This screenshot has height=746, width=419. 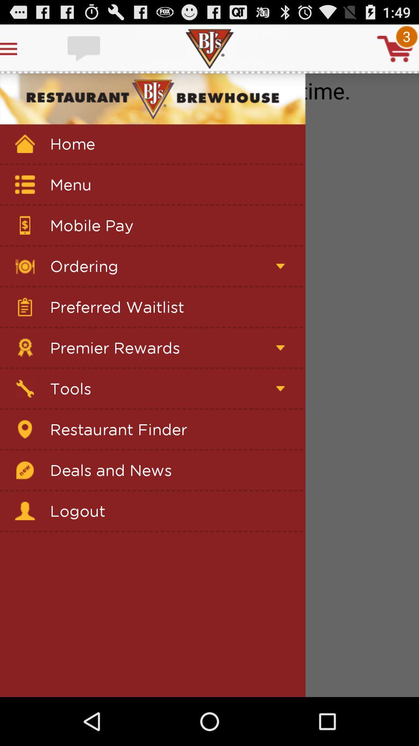 What do you see at coordinates (85, 48) in the screenshot?
I see `message the restaurant` at bounding box center [85, 48].